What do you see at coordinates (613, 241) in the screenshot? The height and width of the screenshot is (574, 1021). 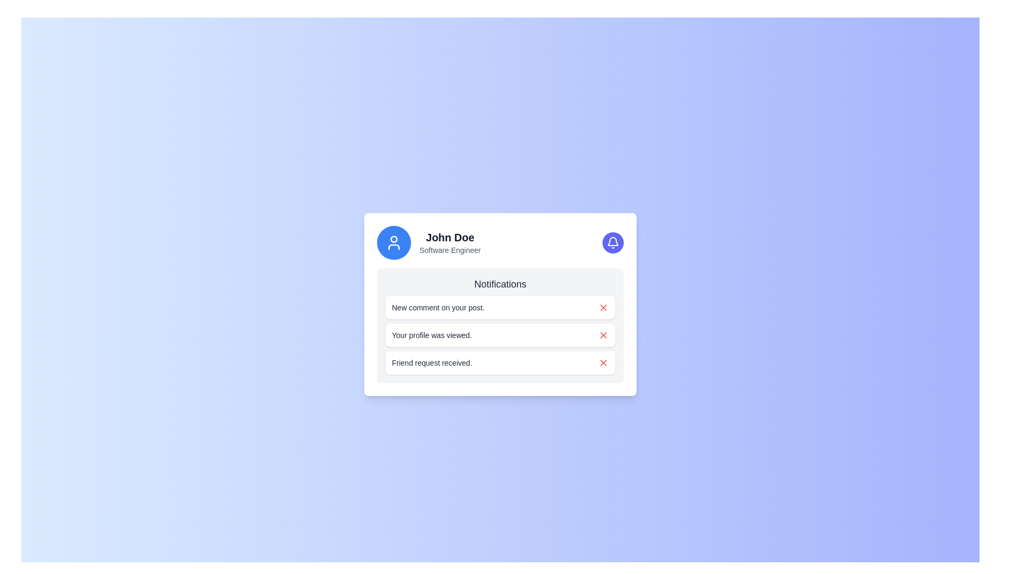 I see `the main body curve of the bell icon located in the top-right corner of the notification card, which visually represents notifications or alerts` at bounding box center [613, 241].